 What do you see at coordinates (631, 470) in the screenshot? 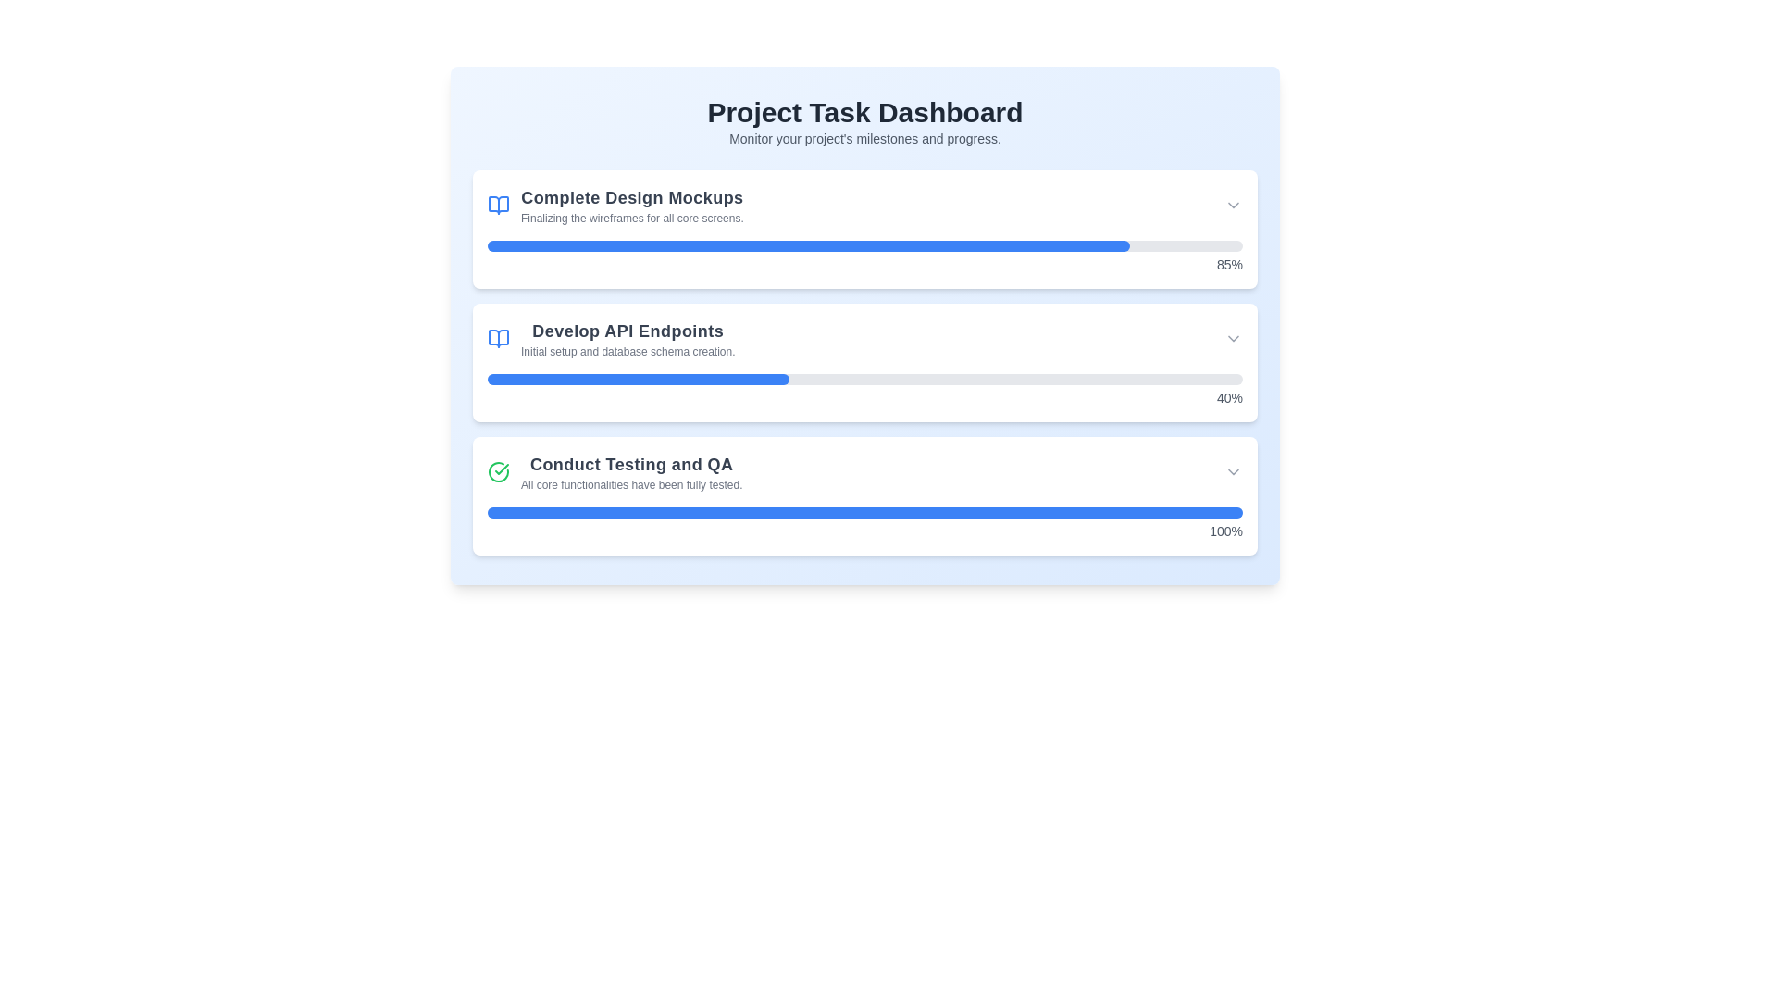
I see `the Text Display element that shows the task title and status description for the third task entry` at bounding box center [631, 470].